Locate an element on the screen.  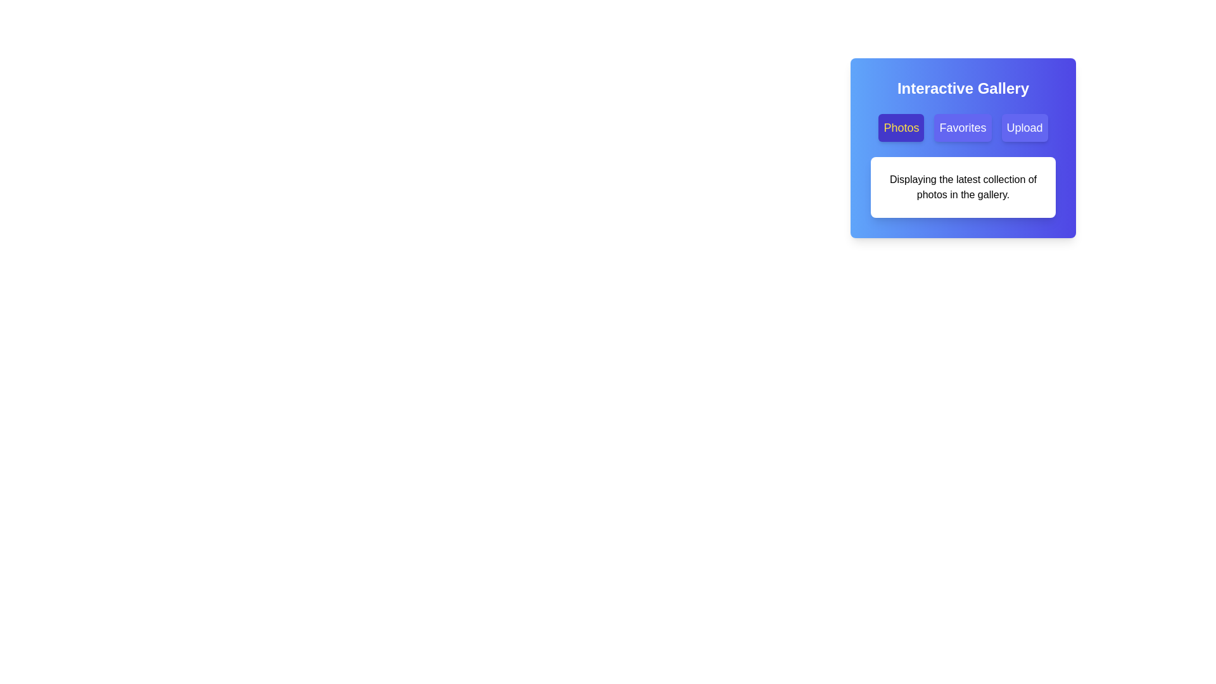
the 'Photos' button, which is a rectangular button with bold yellow text on a vivid indigo-blue background, located below the header 'Interactive Gallery' is located at coordinates (901, 127).